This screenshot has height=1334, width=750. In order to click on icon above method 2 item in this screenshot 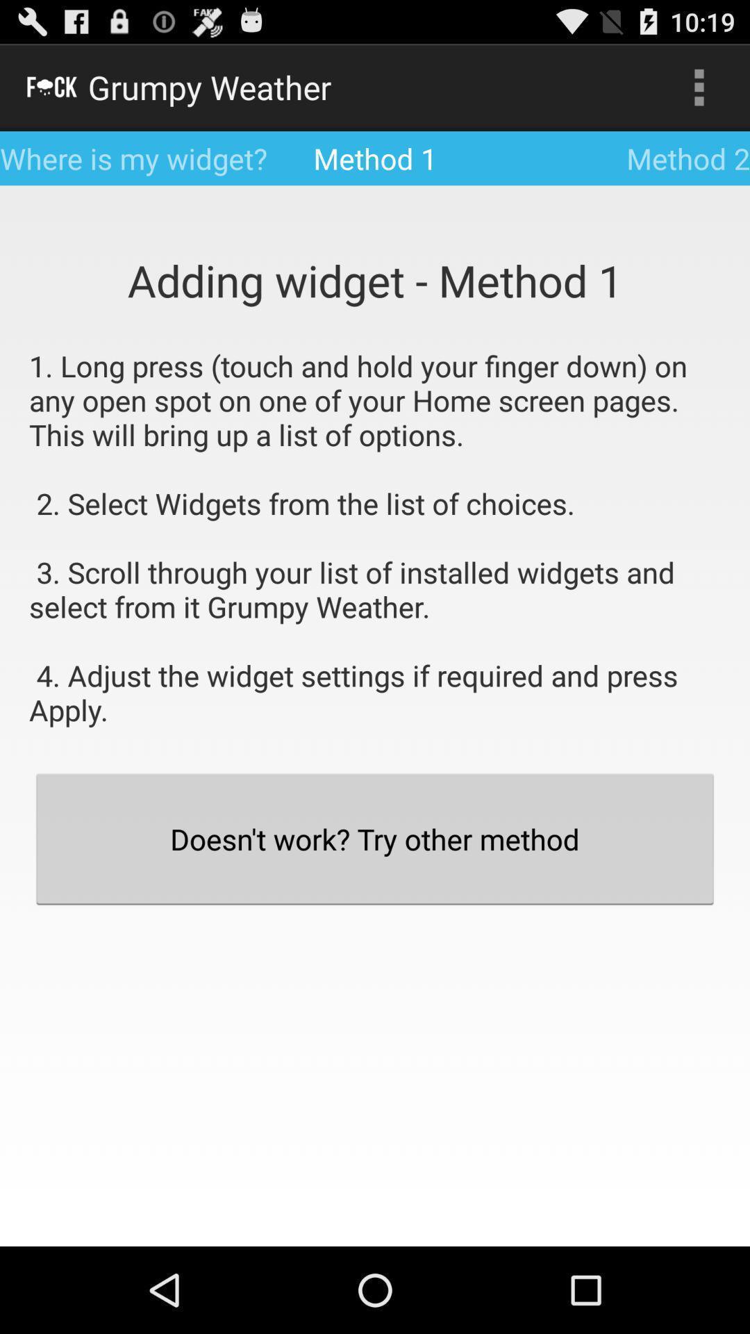, I will do `click(699, 86)`.